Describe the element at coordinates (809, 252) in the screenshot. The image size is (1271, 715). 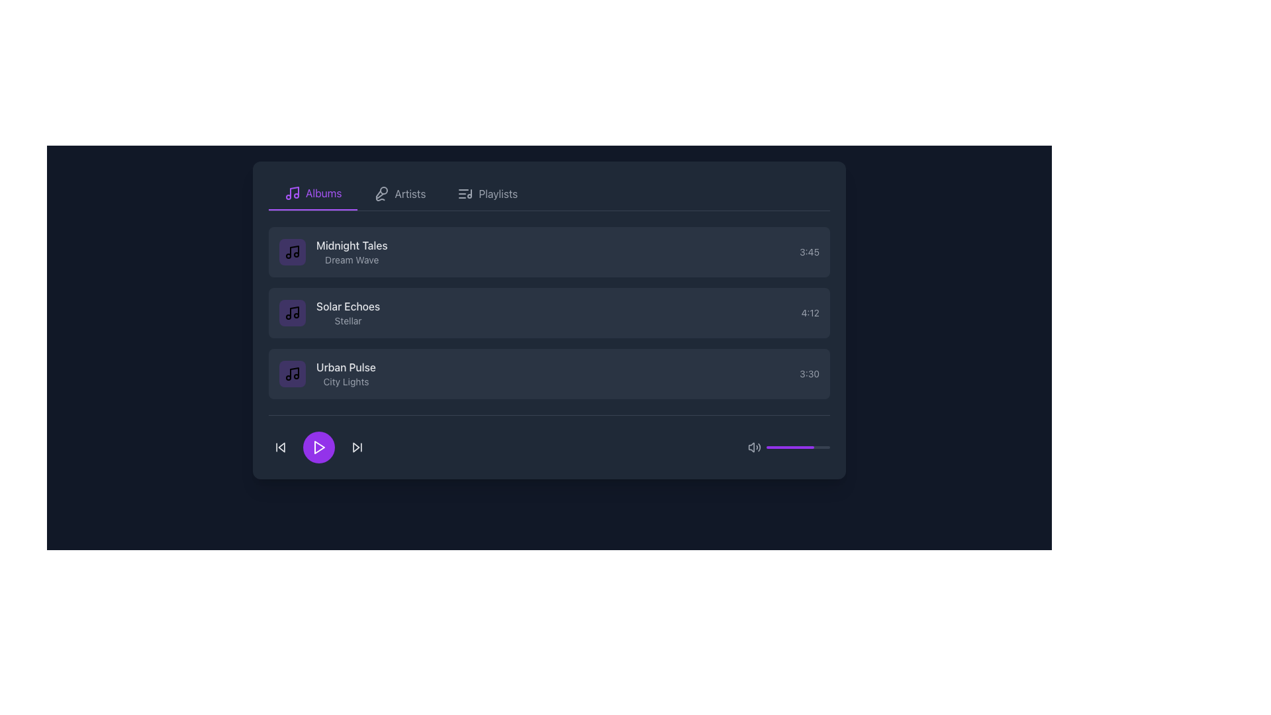
I see `the text label that displays the duration of the track, located at the far right within the first track item in the list` at that location.